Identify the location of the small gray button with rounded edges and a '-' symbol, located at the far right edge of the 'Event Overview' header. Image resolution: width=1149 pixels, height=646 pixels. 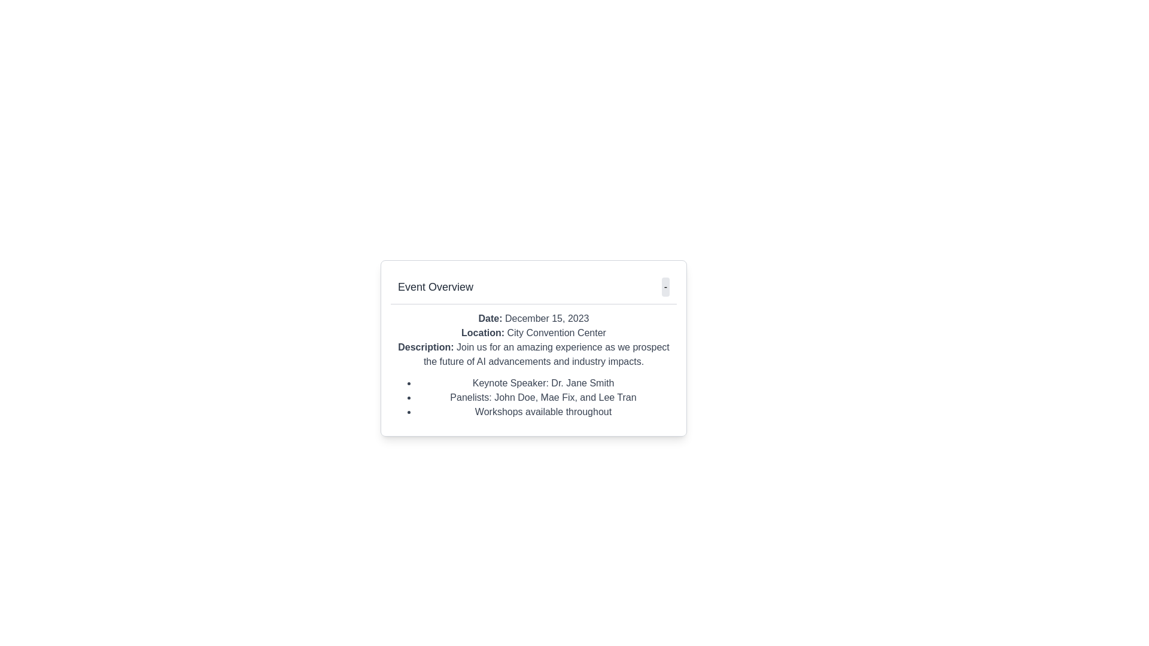
(665, 287).